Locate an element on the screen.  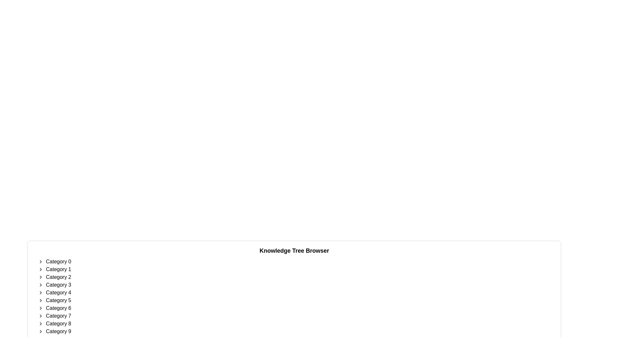
the Chevron icon, which is a small right-pointing arrow used as a navigation indicator, located to the left of the 'Category 2' label is located at coordinates (40, 277).